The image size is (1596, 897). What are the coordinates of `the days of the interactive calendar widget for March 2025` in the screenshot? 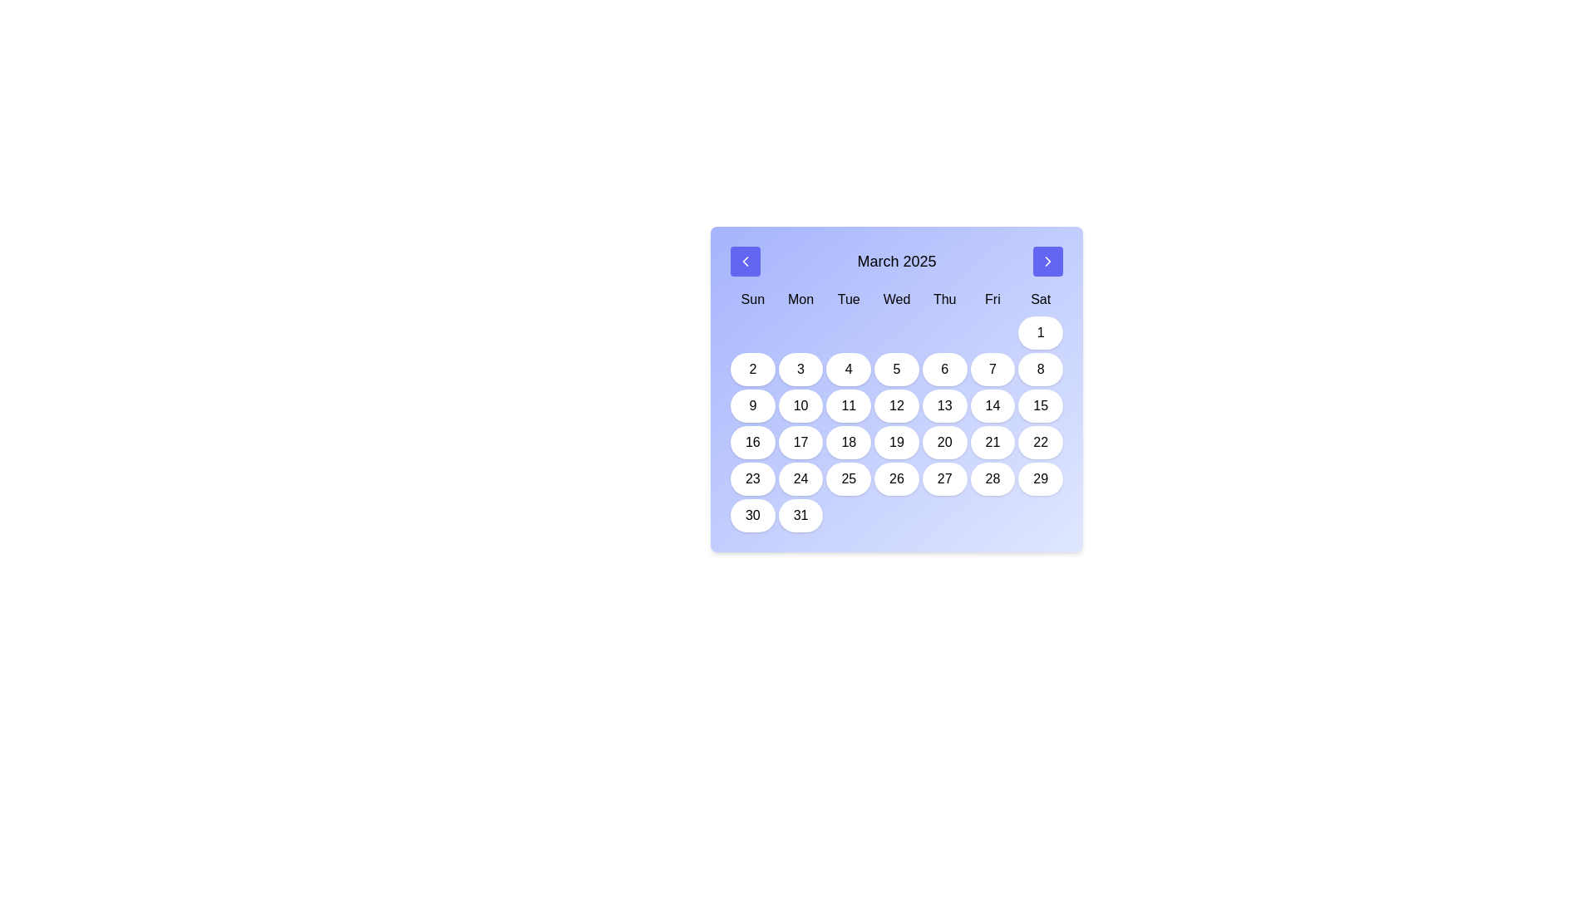 It's located at (896, 390).